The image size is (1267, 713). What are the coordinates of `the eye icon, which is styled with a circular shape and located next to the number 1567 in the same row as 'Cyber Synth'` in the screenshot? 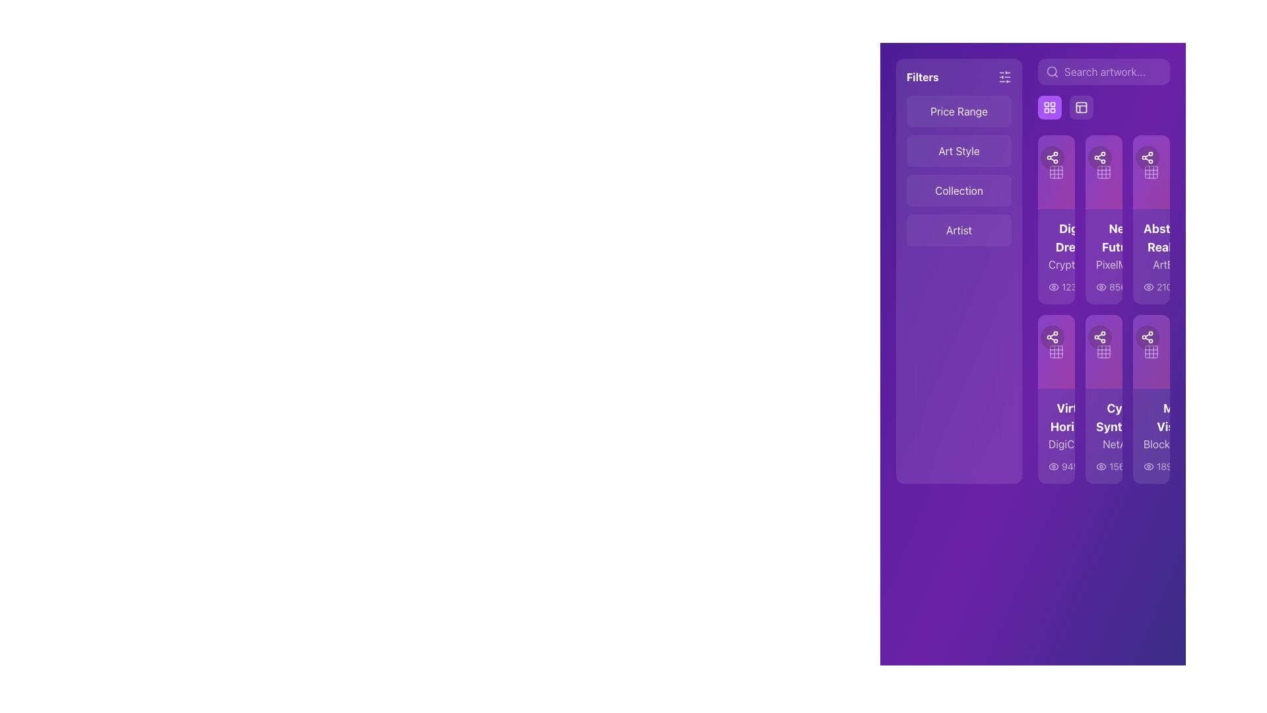 It's located at (1101, 465).